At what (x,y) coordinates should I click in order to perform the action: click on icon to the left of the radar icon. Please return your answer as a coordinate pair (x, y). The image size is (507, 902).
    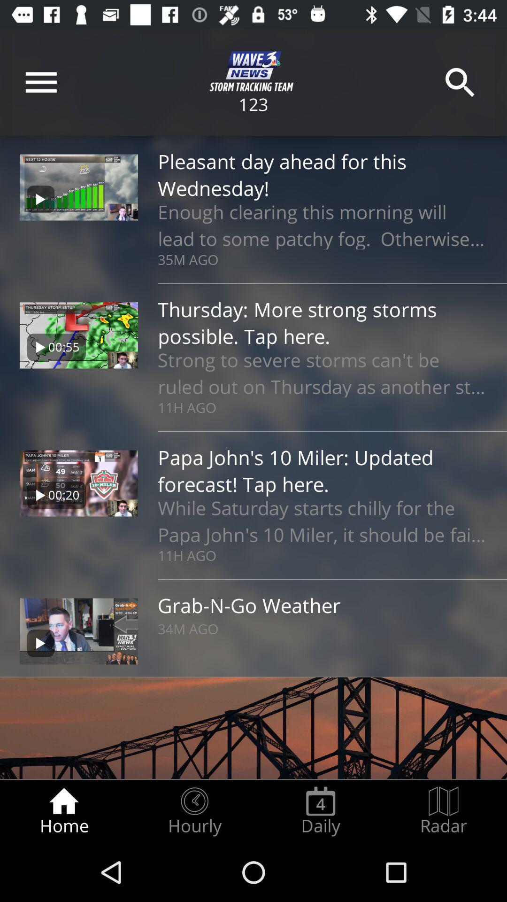
    Looking at the image, I should click on (320, 811).